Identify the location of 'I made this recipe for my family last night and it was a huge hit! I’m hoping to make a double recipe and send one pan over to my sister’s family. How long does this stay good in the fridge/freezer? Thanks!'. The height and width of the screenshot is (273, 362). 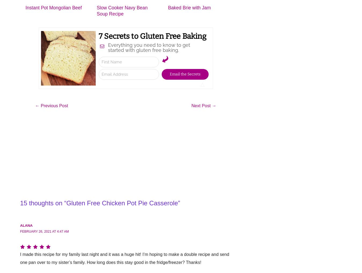
(20, 259).